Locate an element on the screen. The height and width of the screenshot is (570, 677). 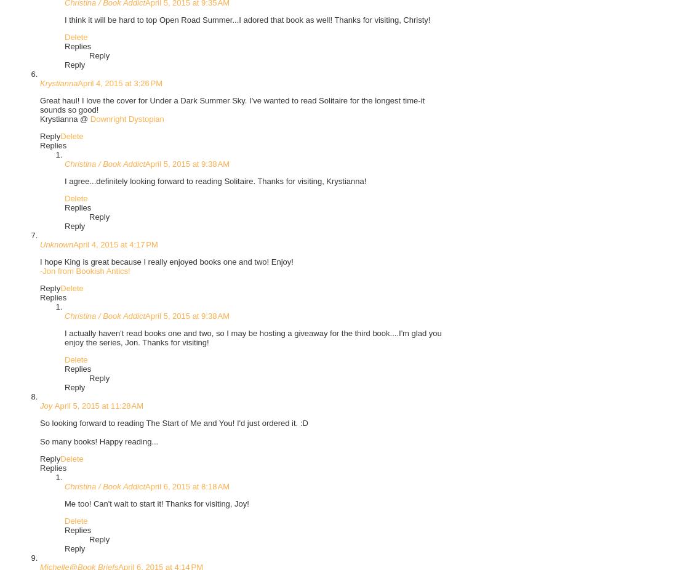
'Joy' is located at coordinates (47, 404).